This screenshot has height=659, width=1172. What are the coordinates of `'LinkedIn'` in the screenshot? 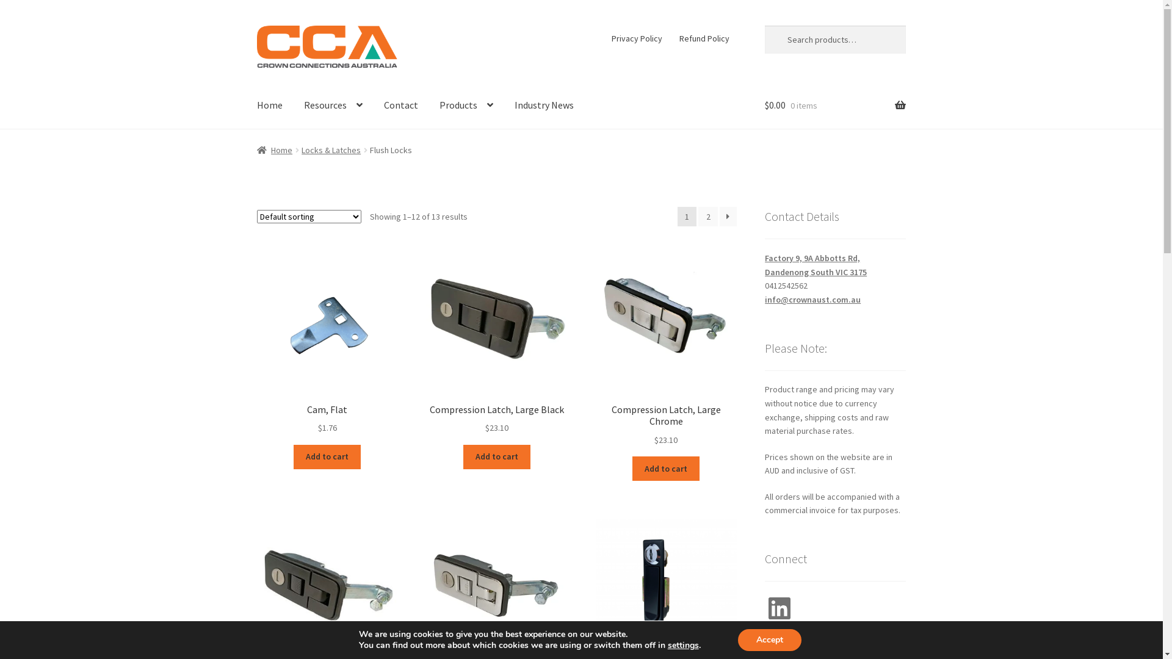 It's located at (764, 608).